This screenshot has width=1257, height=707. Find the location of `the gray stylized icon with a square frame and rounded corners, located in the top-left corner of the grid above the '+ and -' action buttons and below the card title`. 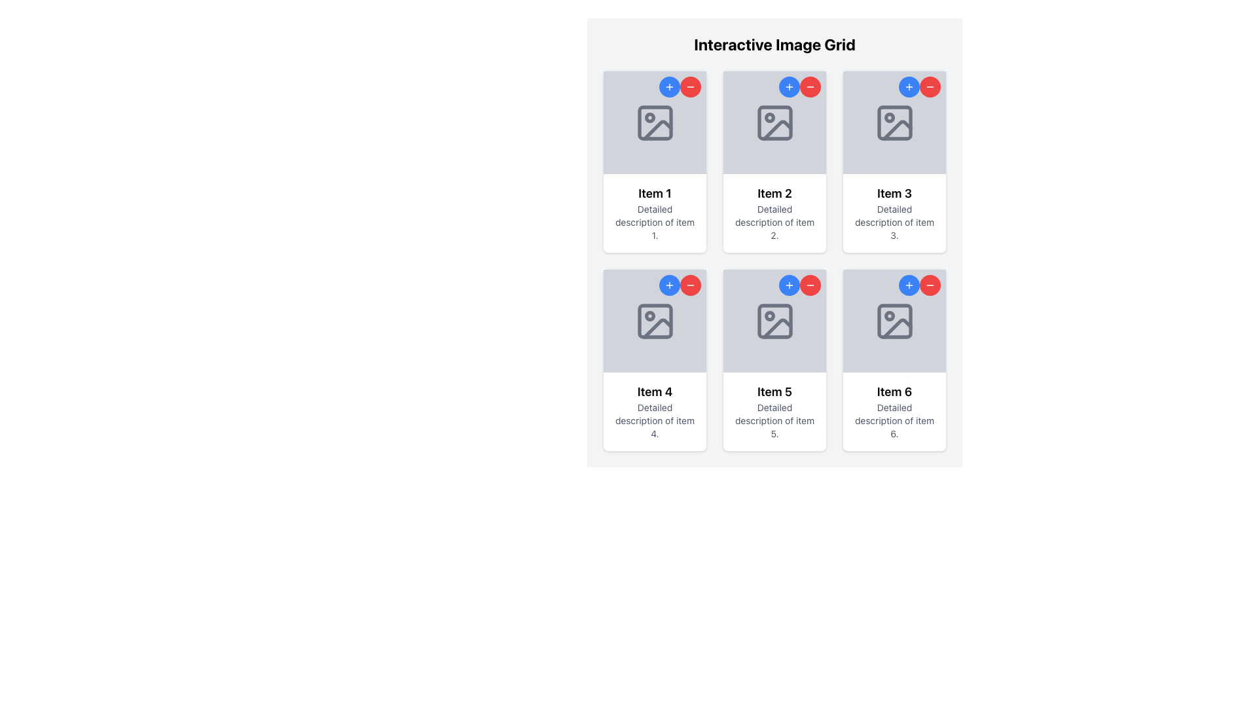

the gray stylized icon with a square frame and rounded corners, located in the top-left corner of the grid above the '+ and -' action buttons and below the card title is located at coordinates (655, 122).